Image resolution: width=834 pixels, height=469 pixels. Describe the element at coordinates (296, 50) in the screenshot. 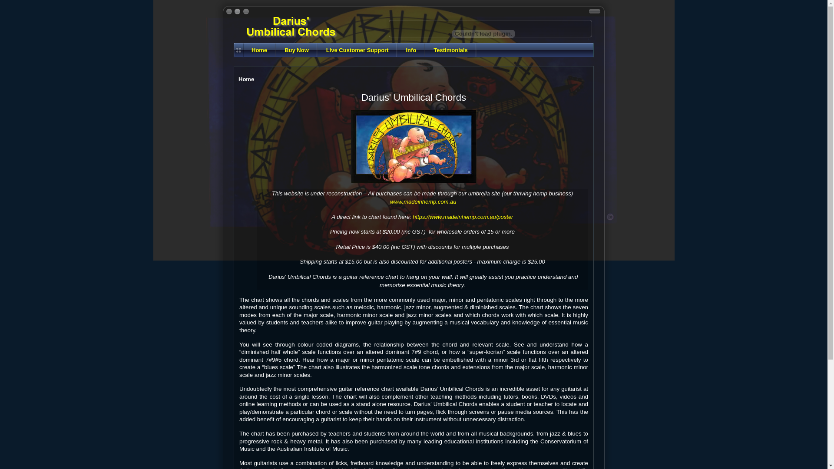

I see `'Buy Now'` at that location.